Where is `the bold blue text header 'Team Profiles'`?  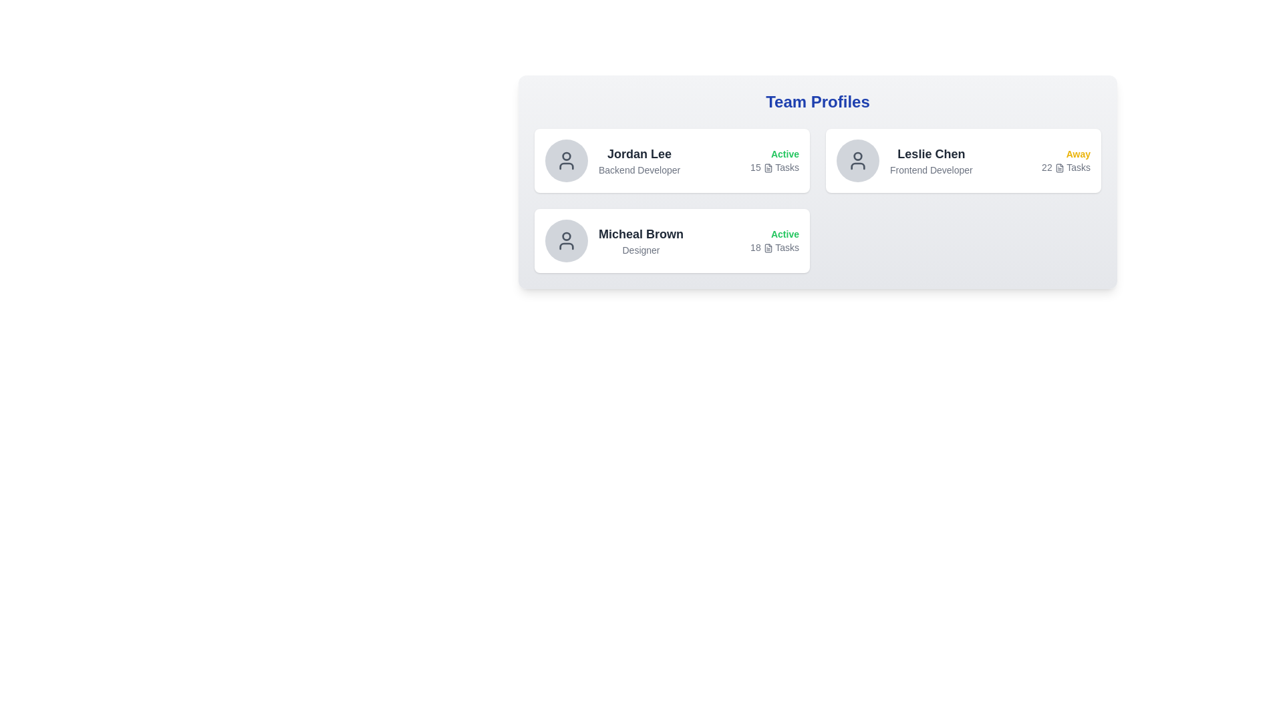 the bold blue text header 'Team Profiles' is located at coordinates (817, 101).